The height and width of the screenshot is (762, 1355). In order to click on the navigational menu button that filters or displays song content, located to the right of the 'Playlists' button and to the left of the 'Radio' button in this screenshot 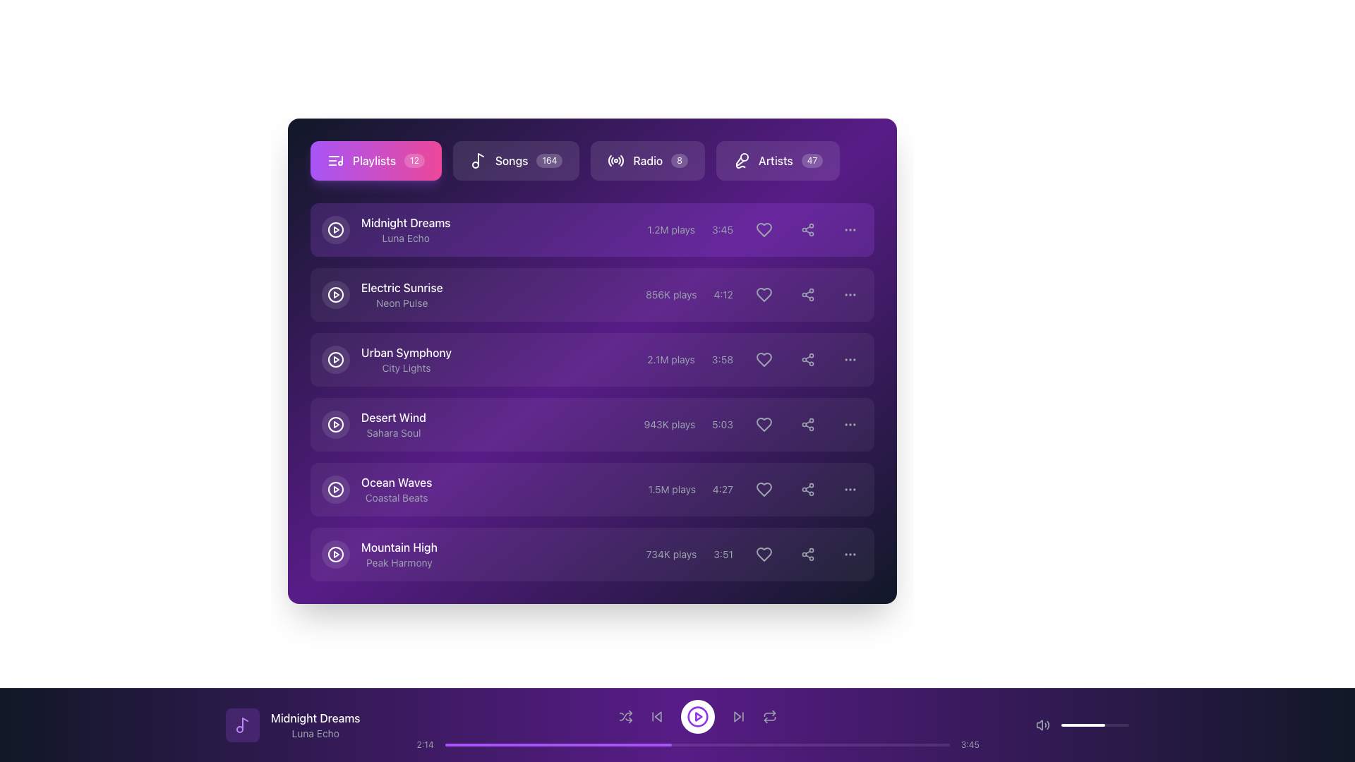, I will do `click(515, 159)`.